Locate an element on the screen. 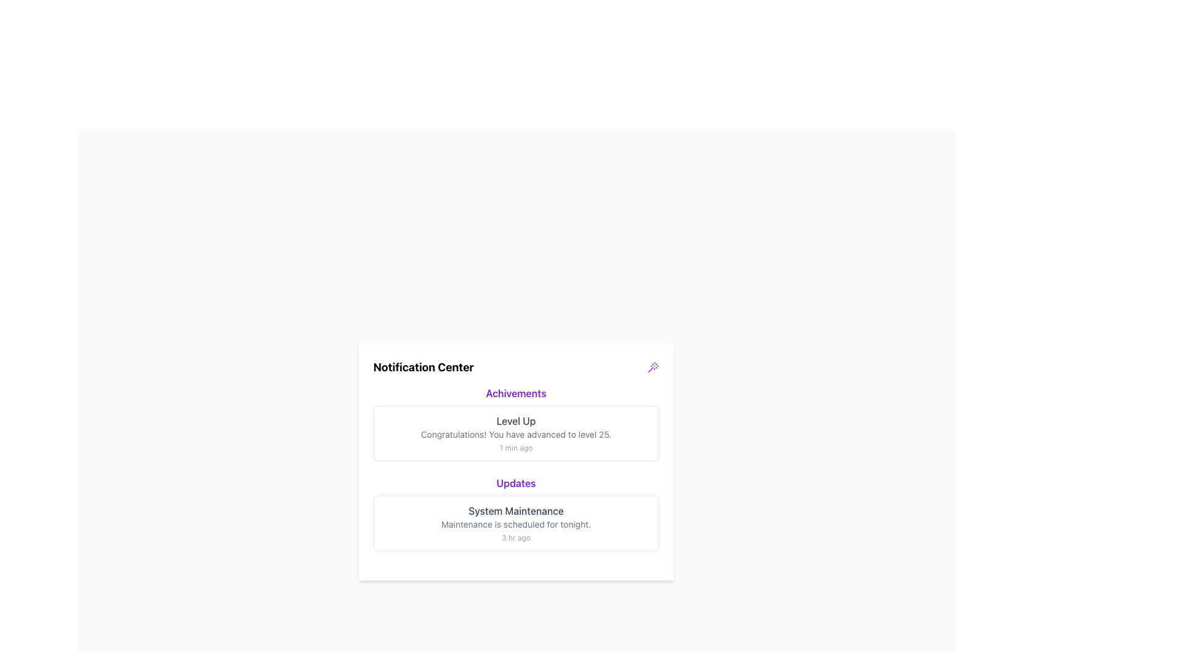 The height and width of the screenshot is (665, 1182). the 'Level Up' text element, which is displayed in medium font weight and gray color, located at the top section of the notification card under 'Achievements' is located at coordinates (516, 420).